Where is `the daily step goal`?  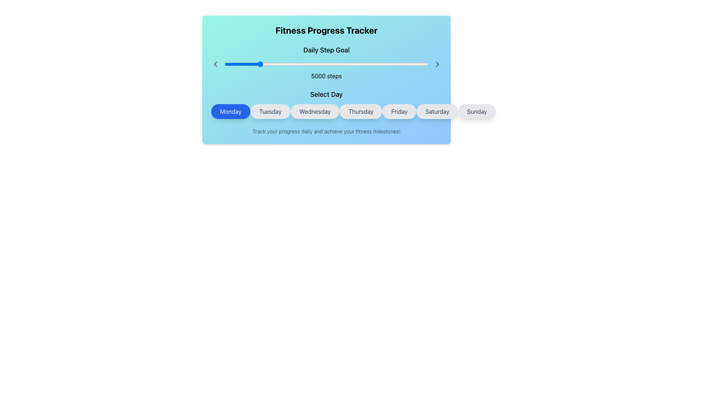 the daily step goal is located at coordinates (243, 64).